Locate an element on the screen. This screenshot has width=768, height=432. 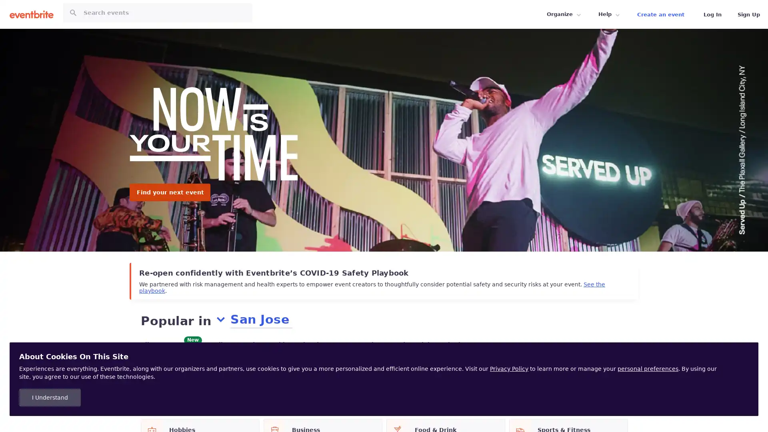
Free is located at coordinates (338, 344).